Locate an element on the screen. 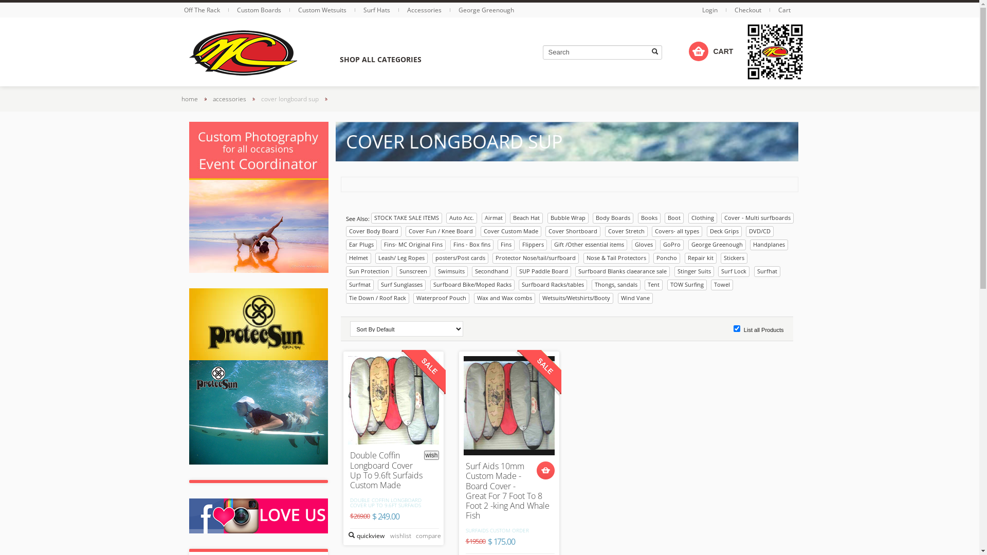 This screenshot has height=555, width=987. 'Books' is located at coordinates (648, 217).